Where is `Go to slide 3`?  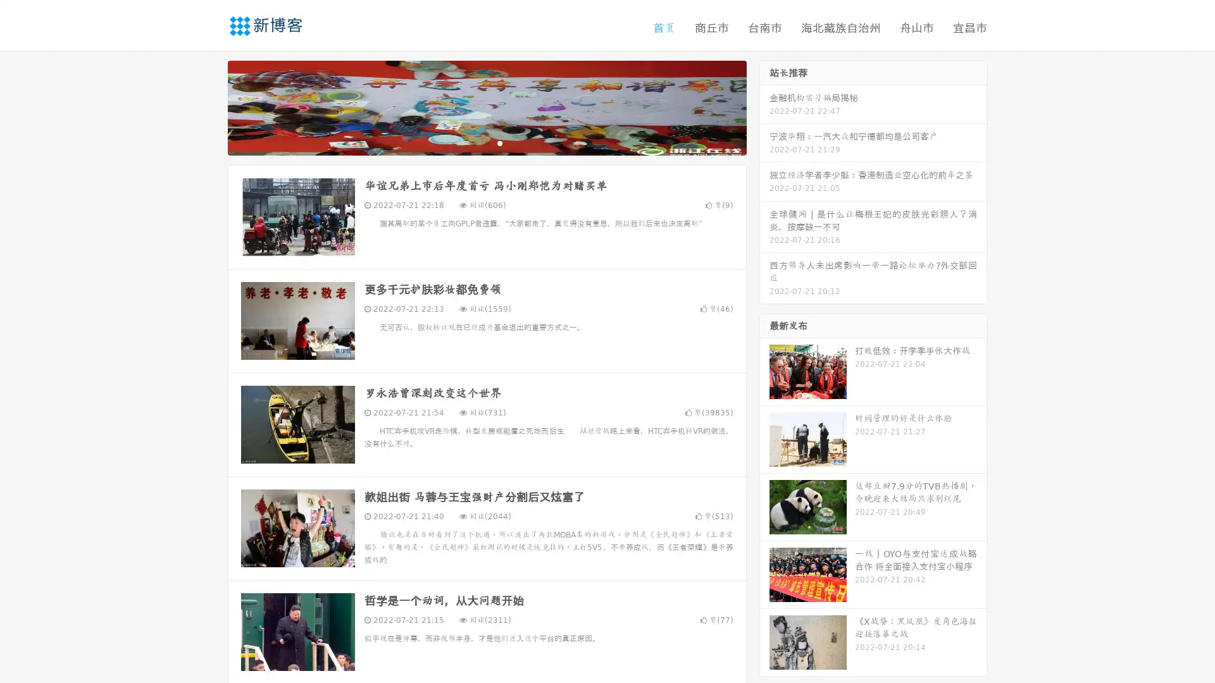 Go to slide 3 is located at coordinates (499, 142).